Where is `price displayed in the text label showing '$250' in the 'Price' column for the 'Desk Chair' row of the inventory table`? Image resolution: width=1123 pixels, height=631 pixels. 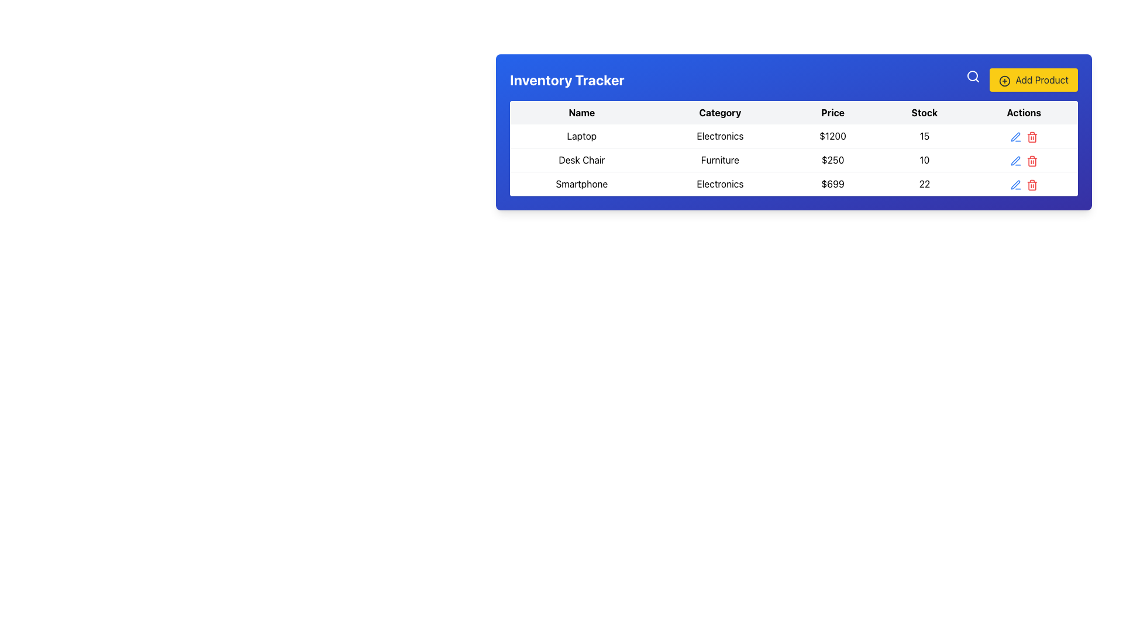
price displayed in the text label showing '$250' in the 'Price' column for the 'Desk Chair' row of the inventory table is located at coordinates (832, 160).